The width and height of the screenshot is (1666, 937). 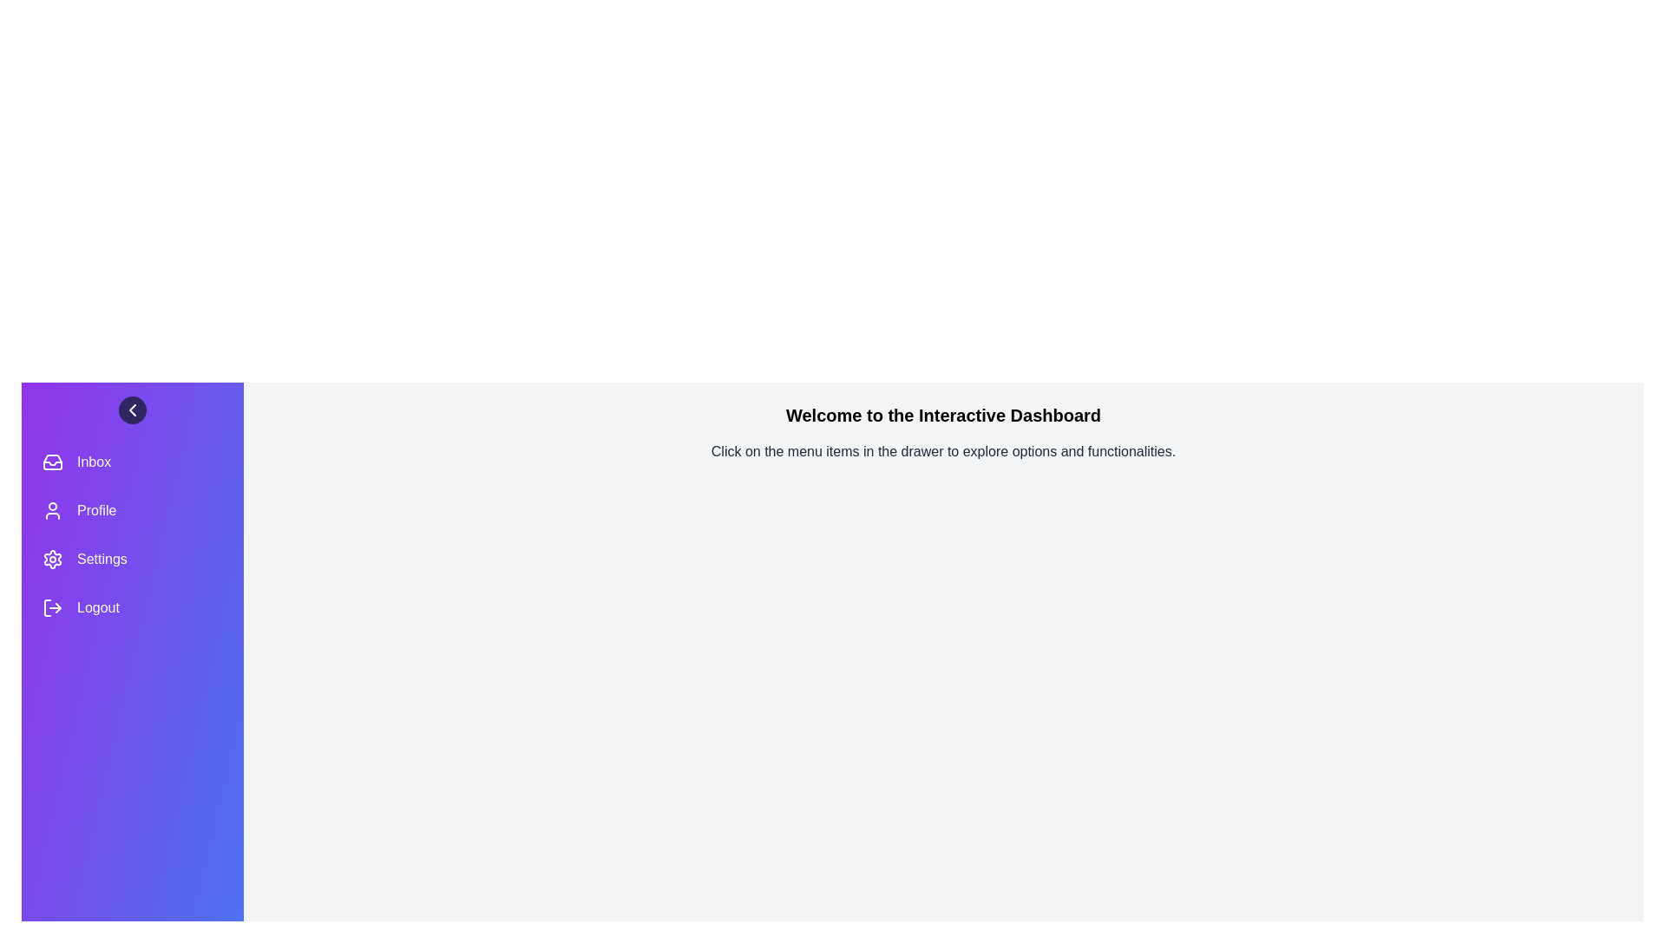 I want to click on the menu item labeled Profile to trigger its associated action, so click(x=132, y=510).